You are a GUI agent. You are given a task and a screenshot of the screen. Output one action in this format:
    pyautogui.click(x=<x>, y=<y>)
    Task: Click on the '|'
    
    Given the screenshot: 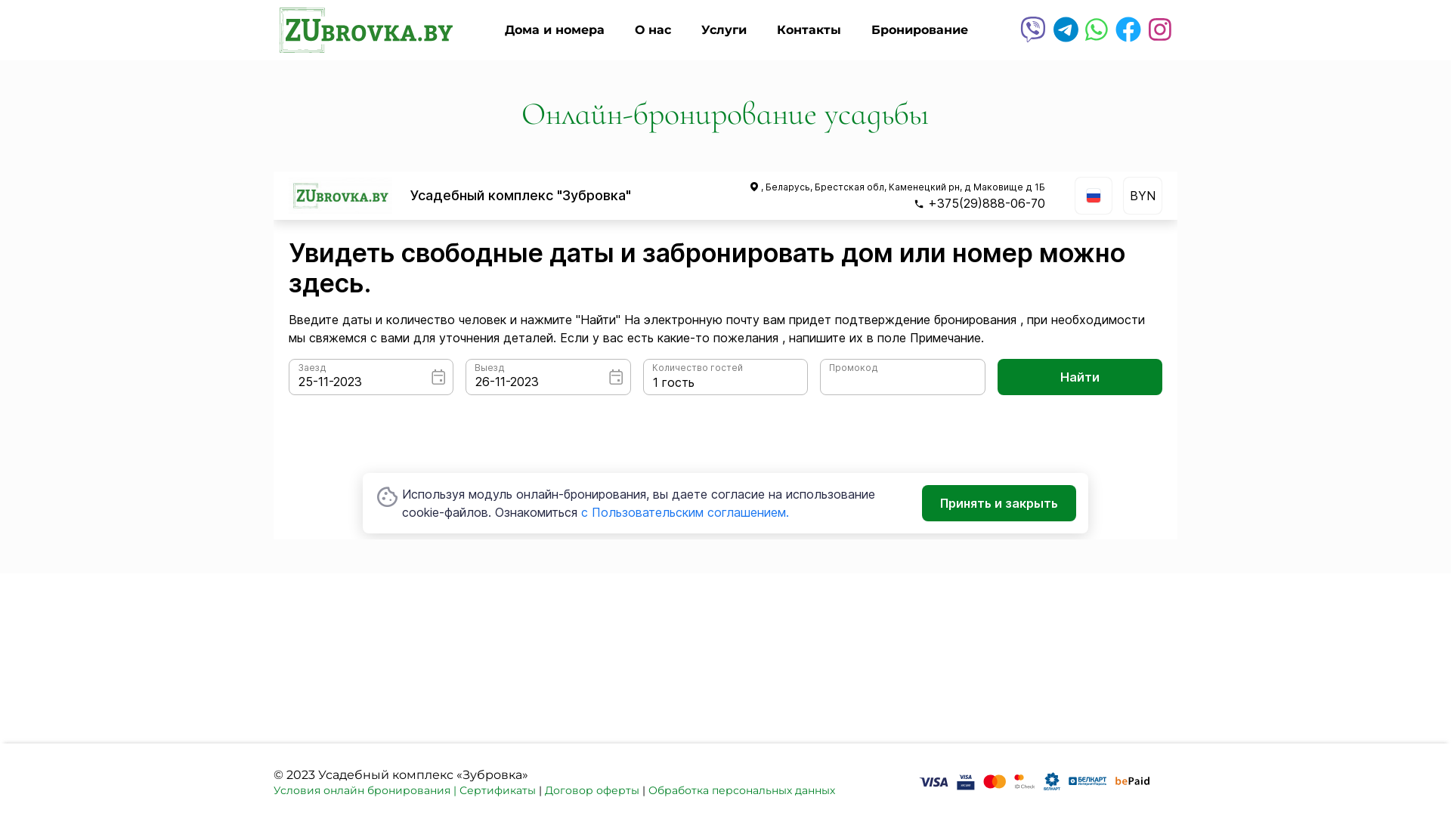 What is the action you would take?
    pyautogui.click(x=453, y=789)
    